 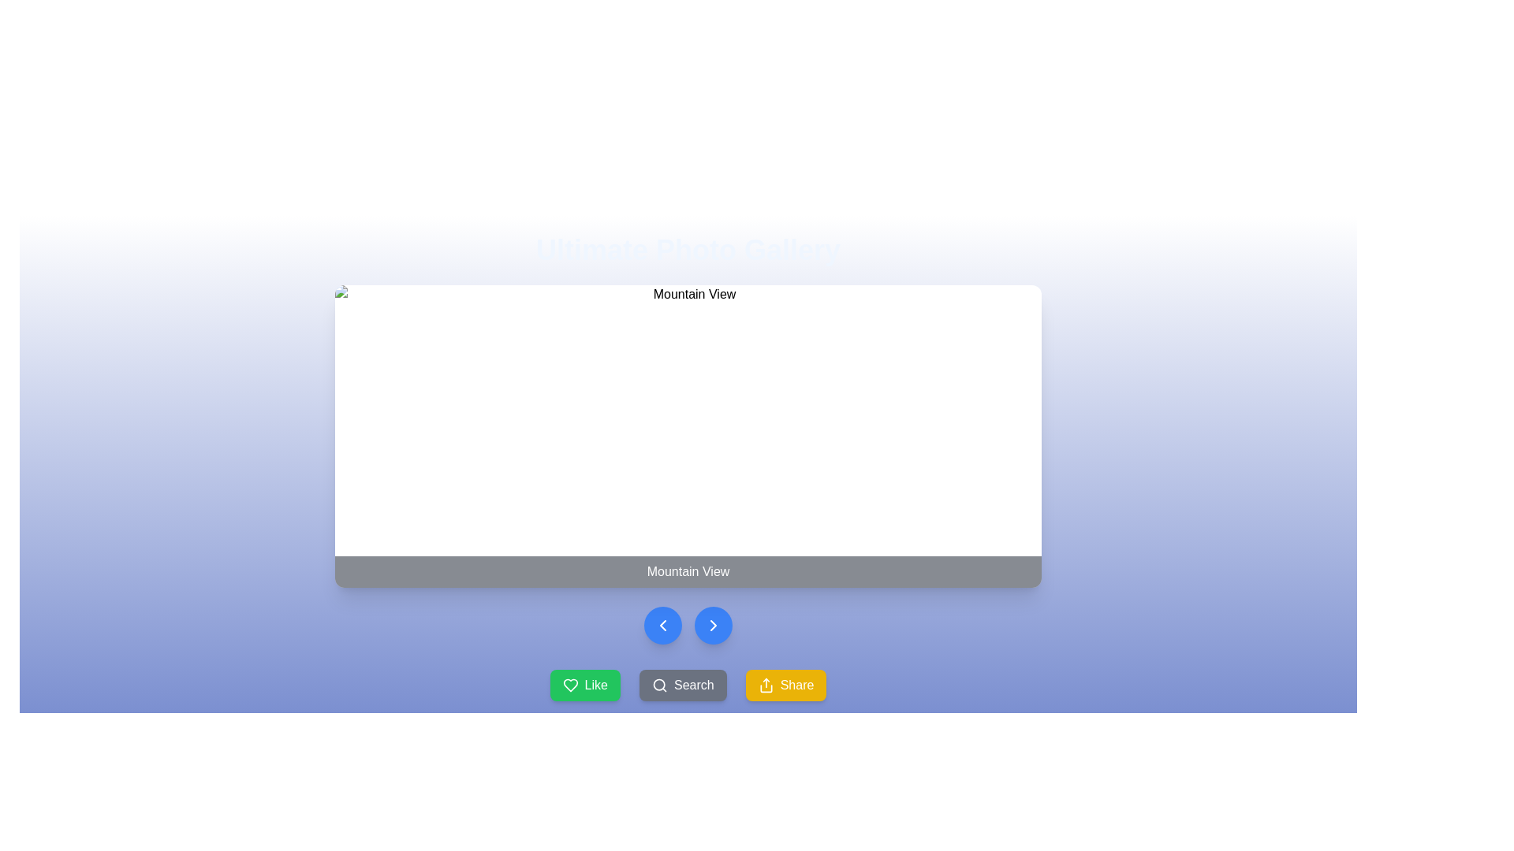 I want to click on the 'Like' button which has a green background, white text, and contains a heart icon to its left, so click(x=595, y=685).